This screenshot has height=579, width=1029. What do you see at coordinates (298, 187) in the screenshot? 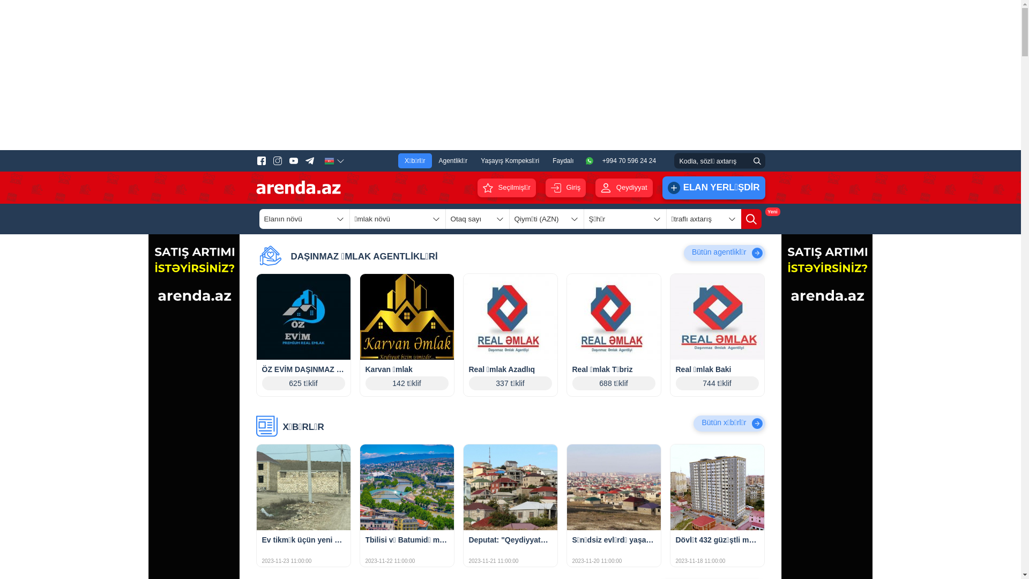
I see `'Arenda.az Kiraye evler ve Evlerin alqi-satqisi'` at bounding box center [298, 187].